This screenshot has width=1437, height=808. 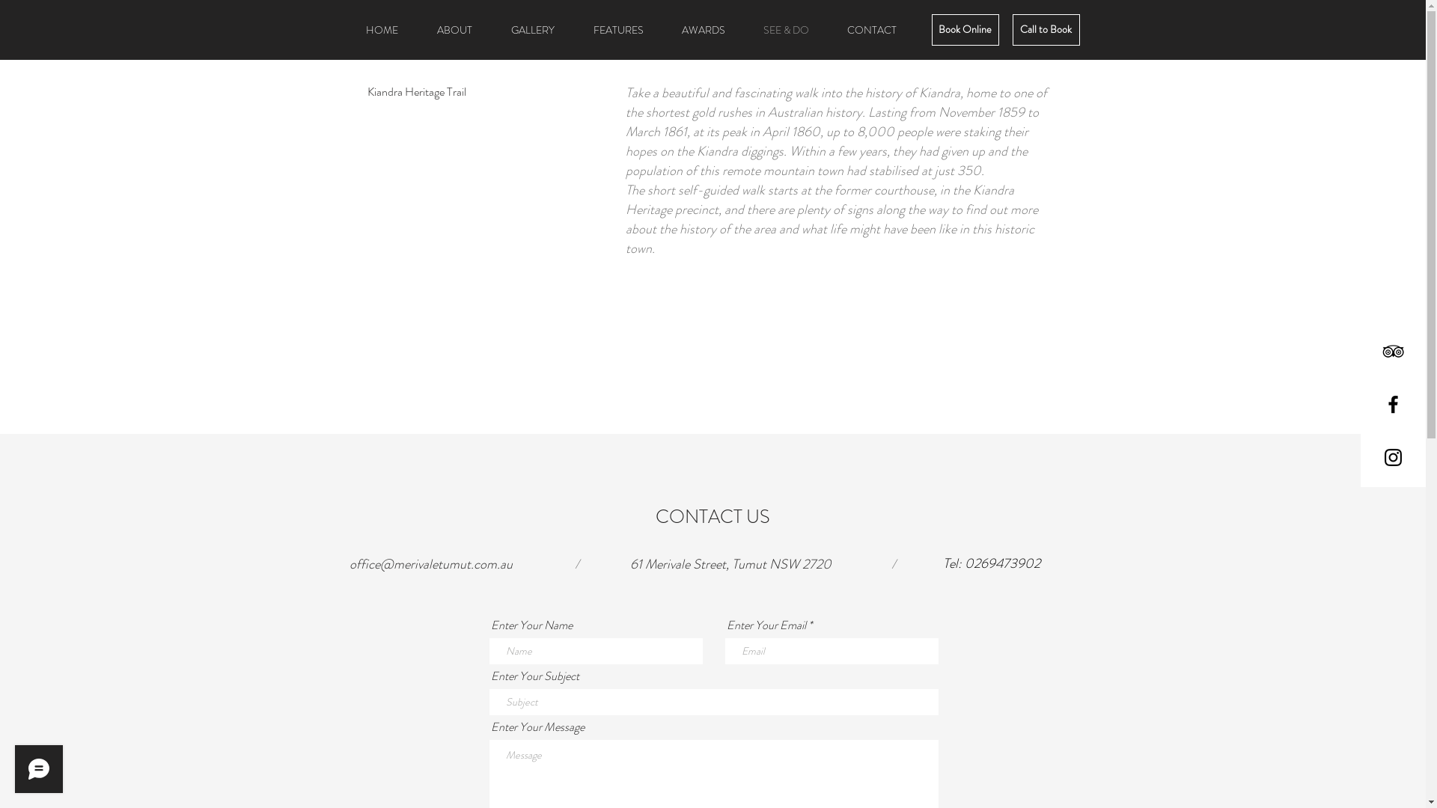 I want to click on 'HOME', so click(x=381, y=29).